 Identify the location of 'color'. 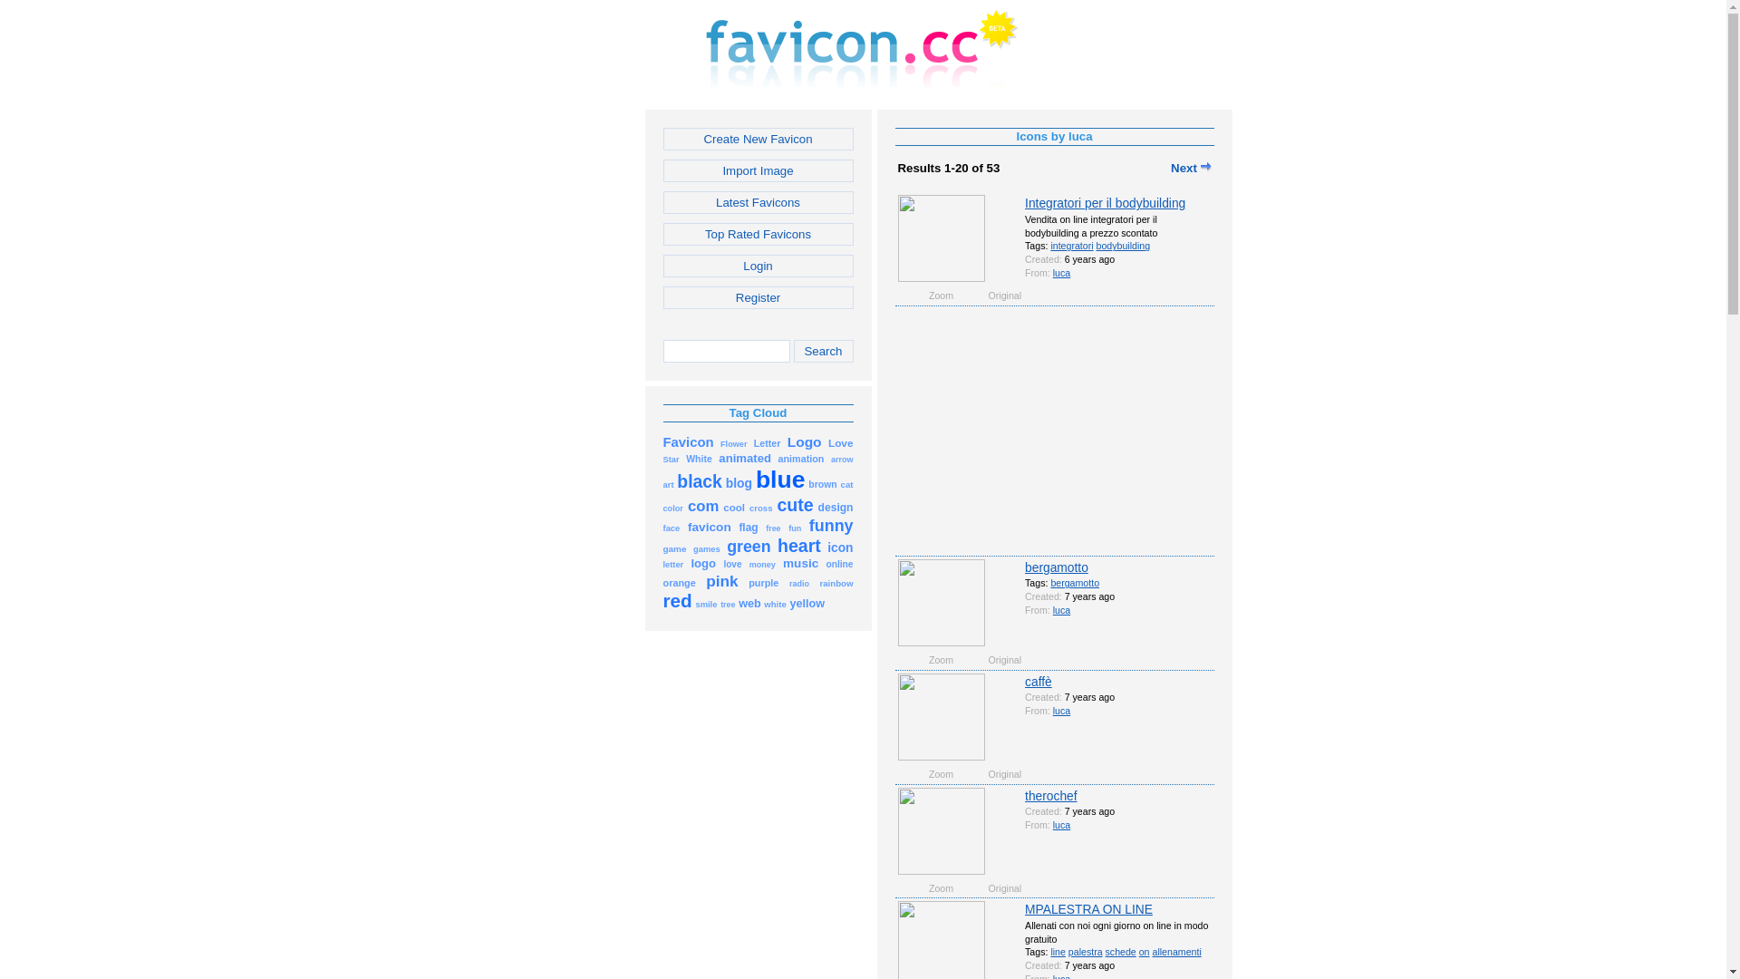
(672, 507).